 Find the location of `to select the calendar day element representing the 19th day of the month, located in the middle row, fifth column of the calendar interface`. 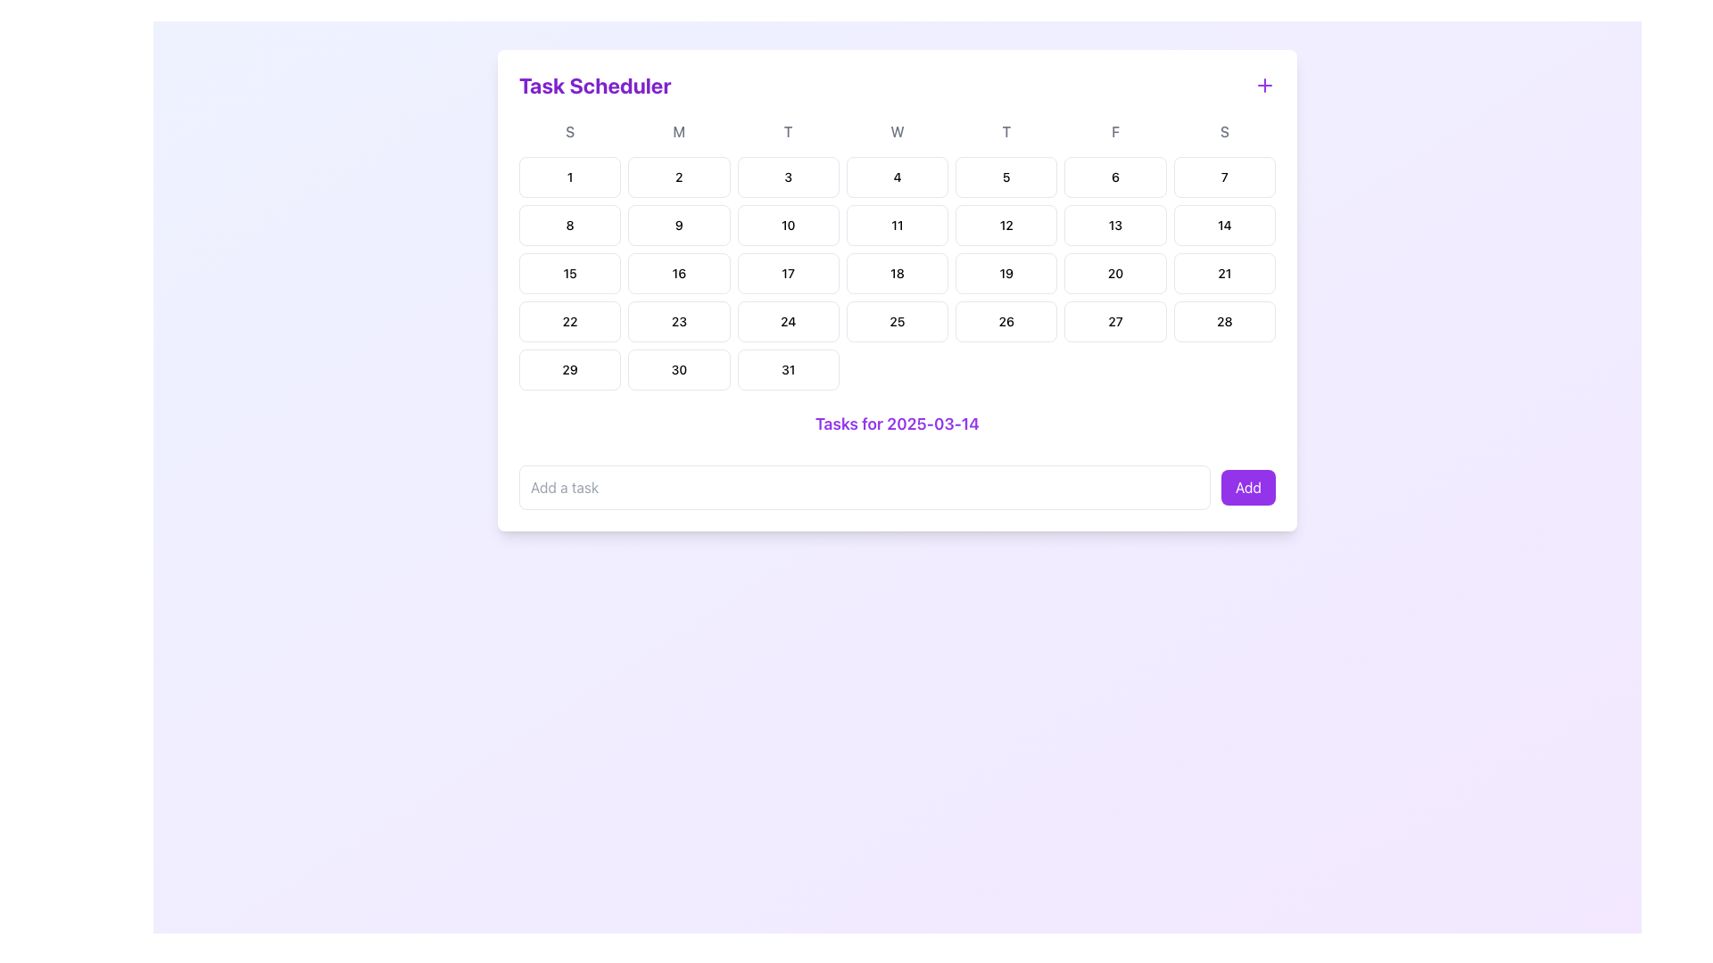

to select the calendar day element representing the 19th day of the month, located in the middle row, fifth column of the calendar interface is located at coordinates (1006, 274).